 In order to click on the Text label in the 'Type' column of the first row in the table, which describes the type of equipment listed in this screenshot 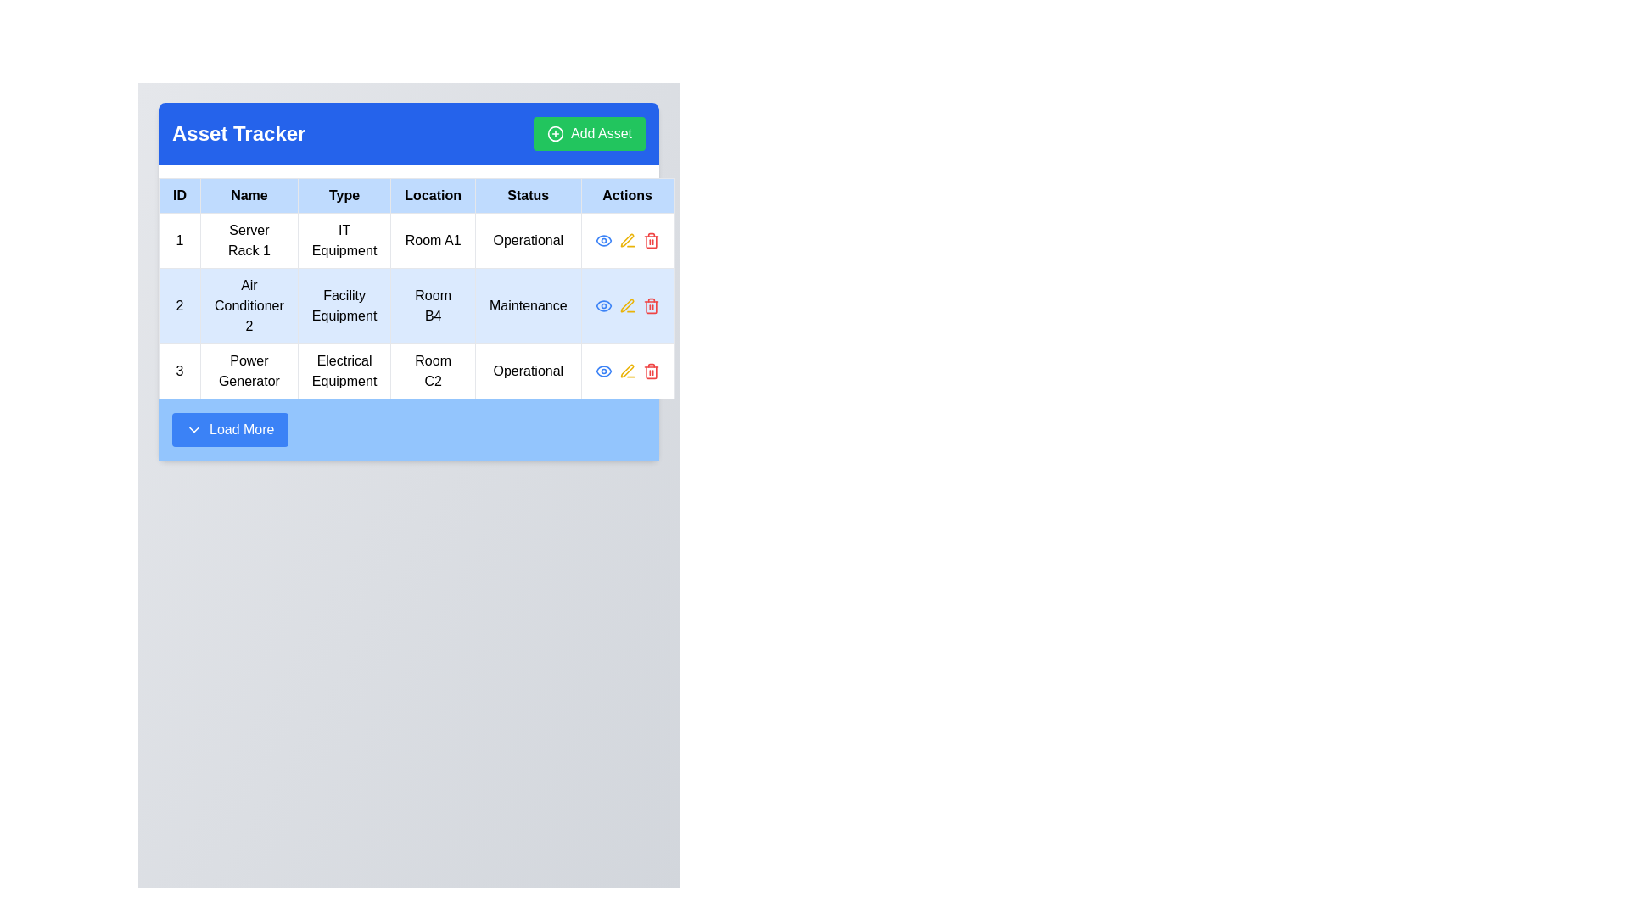, I will do `click(344, 241)`.